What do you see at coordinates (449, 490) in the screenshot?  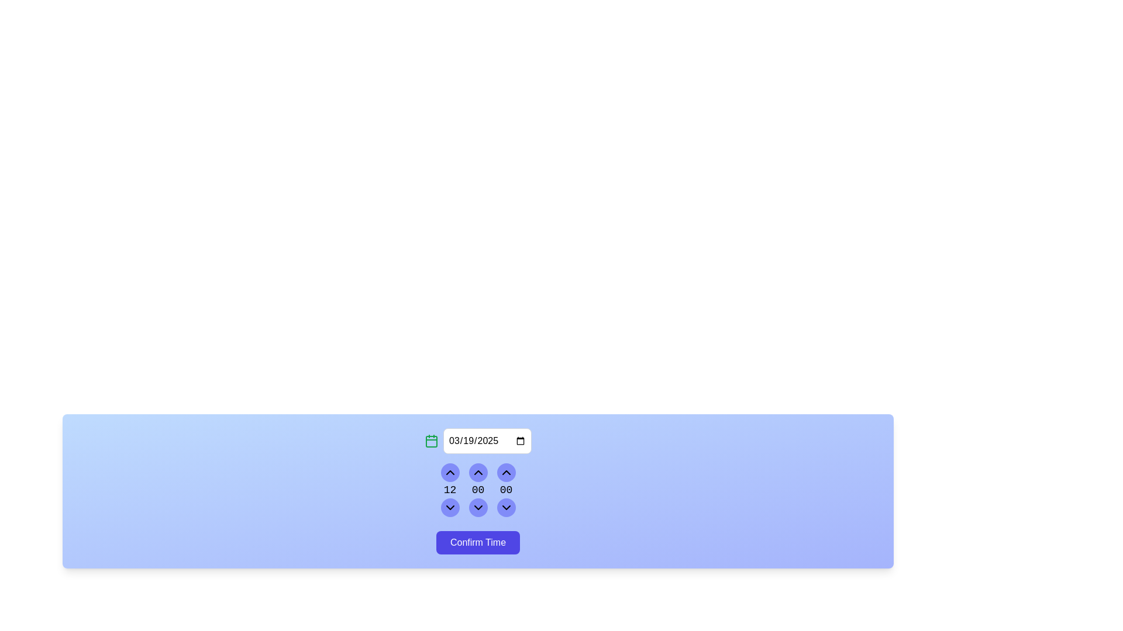 I see `the text label displaying '12' in a monospaced font style, which is positioned centrally below the up and down buttons in a clock or counter interface` at bounding box center [449, 490].